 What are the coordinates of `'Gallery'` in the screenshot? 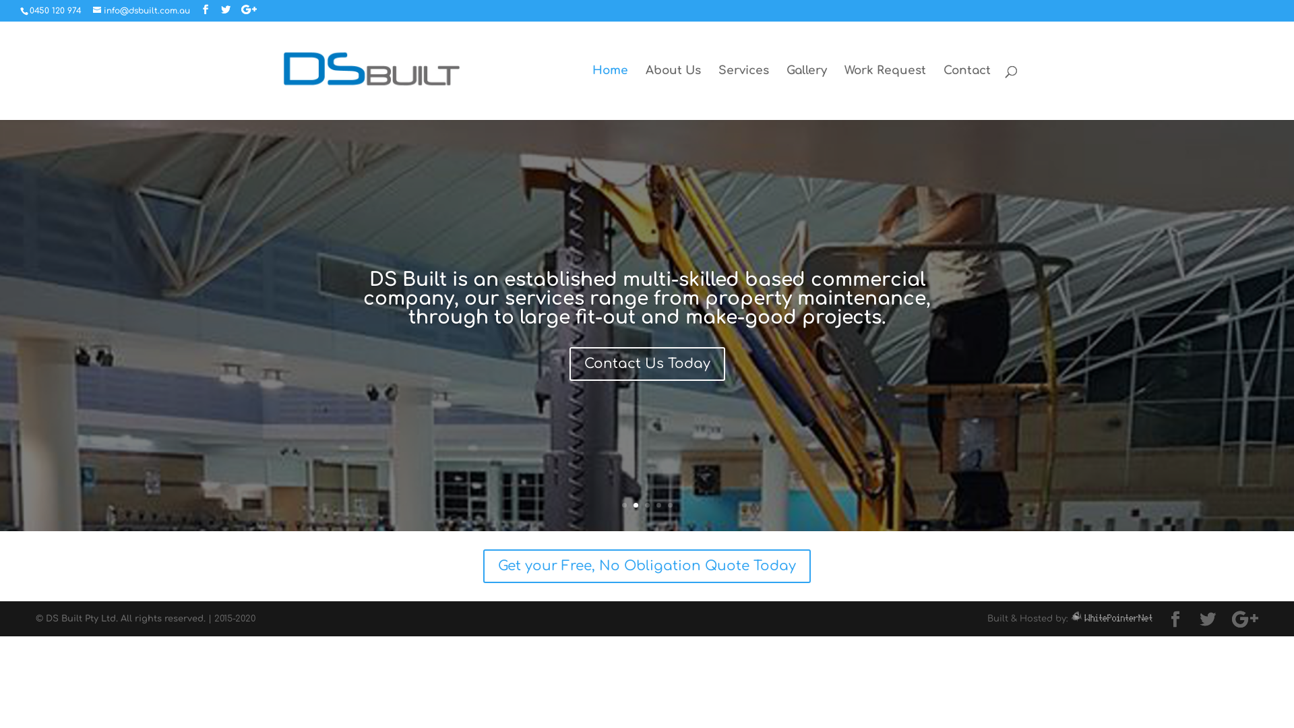 It's located at (805, 92).